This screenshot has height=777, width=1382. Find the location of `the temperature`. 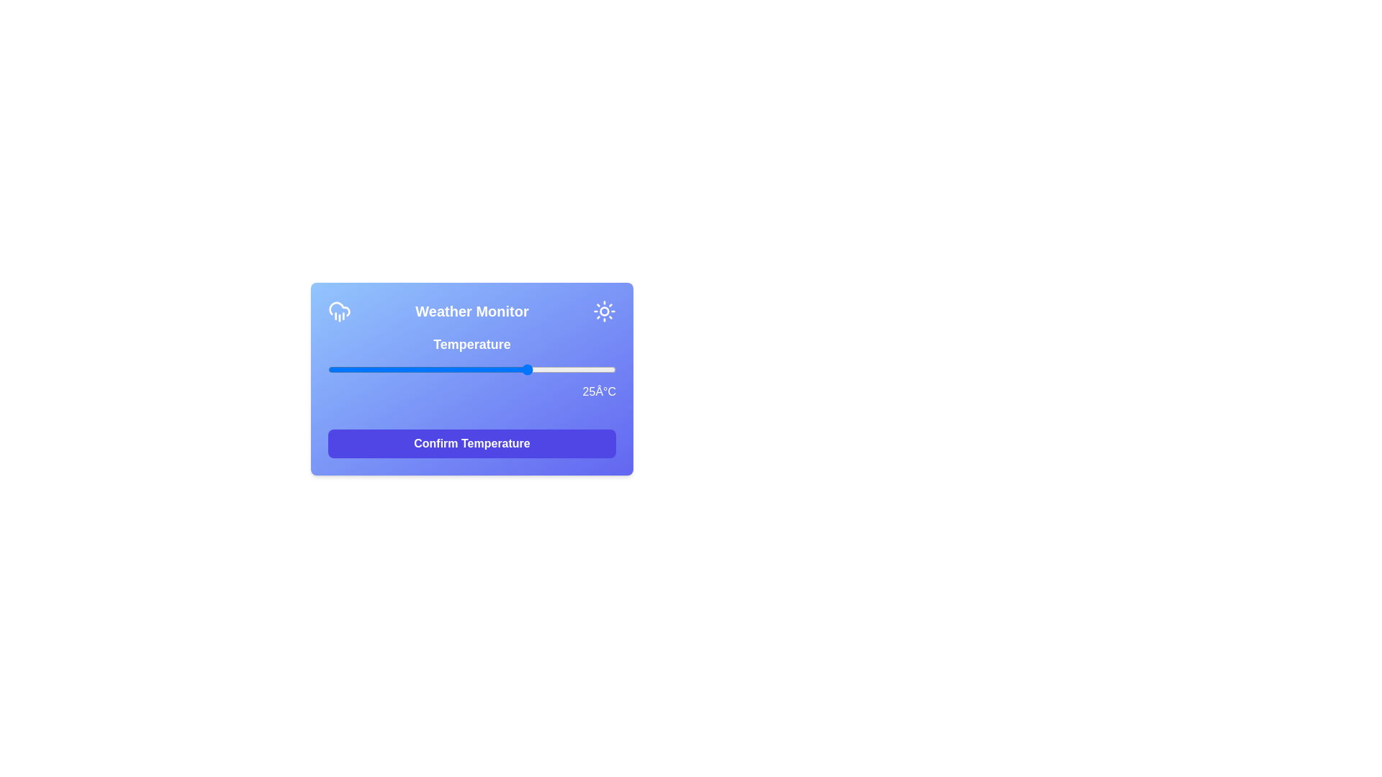

the temperature is located at coordinates (420, 368).